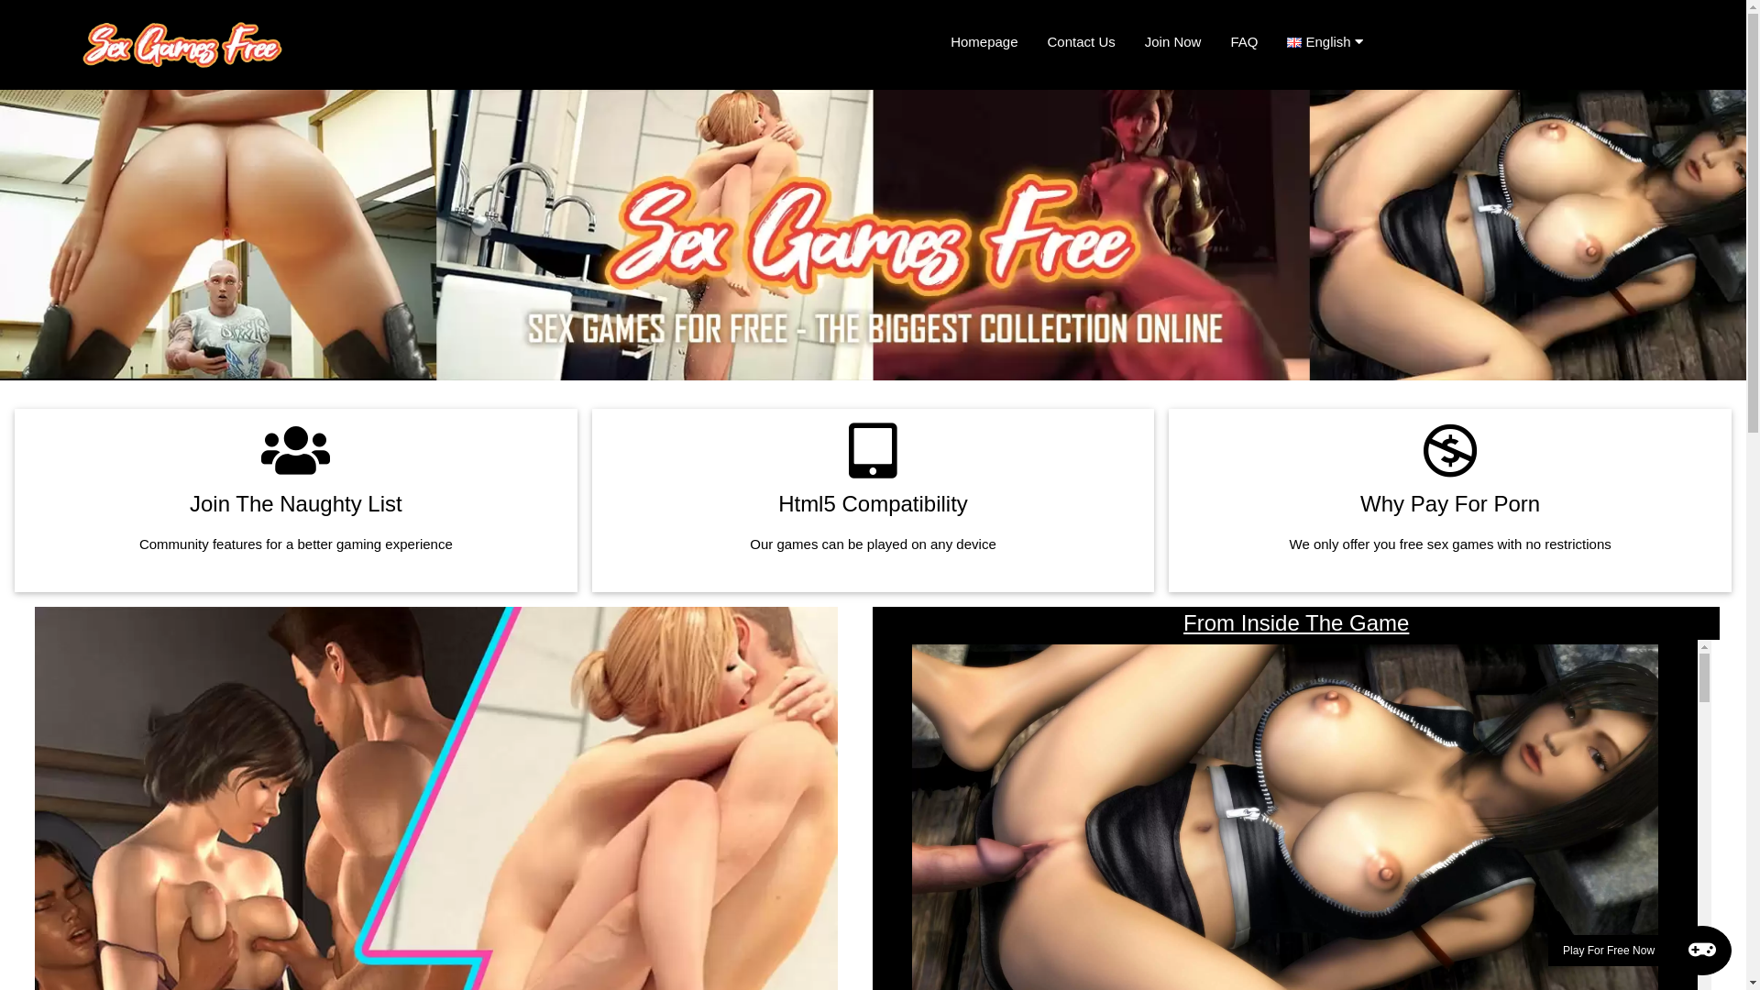 Image resolution: width=1760 pixels, height=990 pixels. I want to click on 'Join Now', so click(1173, 41).